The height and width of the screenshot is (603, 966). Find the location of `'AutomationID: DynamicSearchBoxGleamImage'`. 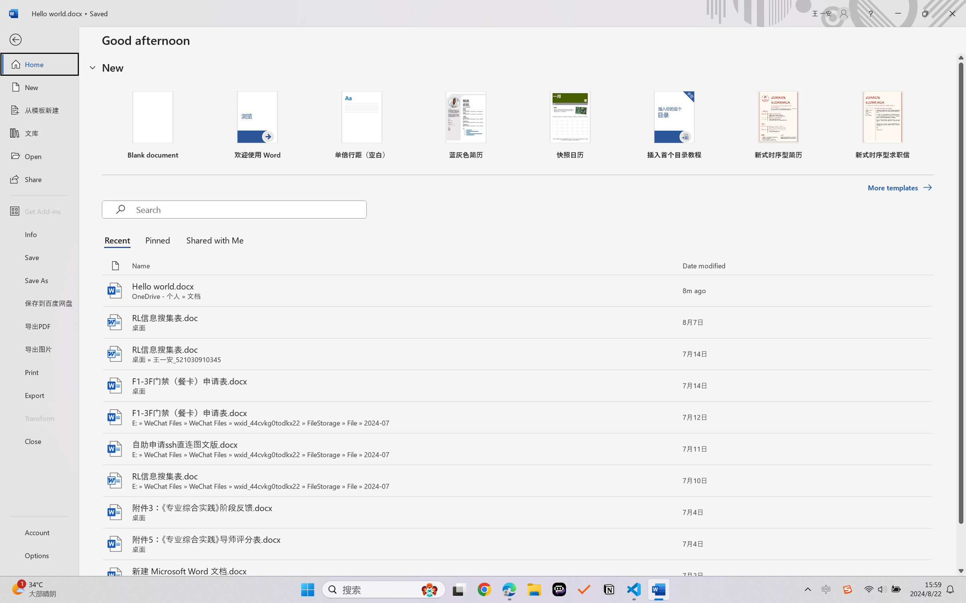

'AutomationID: DynamicSearchBoxGleamImage' is located at coordinates (430, 589).